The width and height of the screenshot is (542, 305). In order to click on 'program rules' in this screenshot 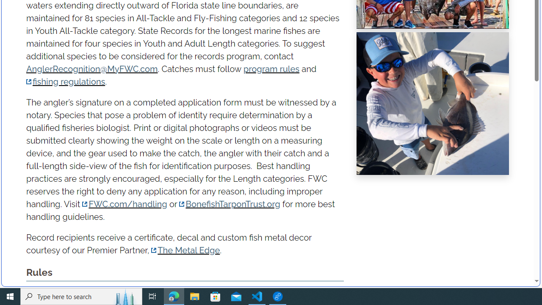, I will do `click(271, 68)`.